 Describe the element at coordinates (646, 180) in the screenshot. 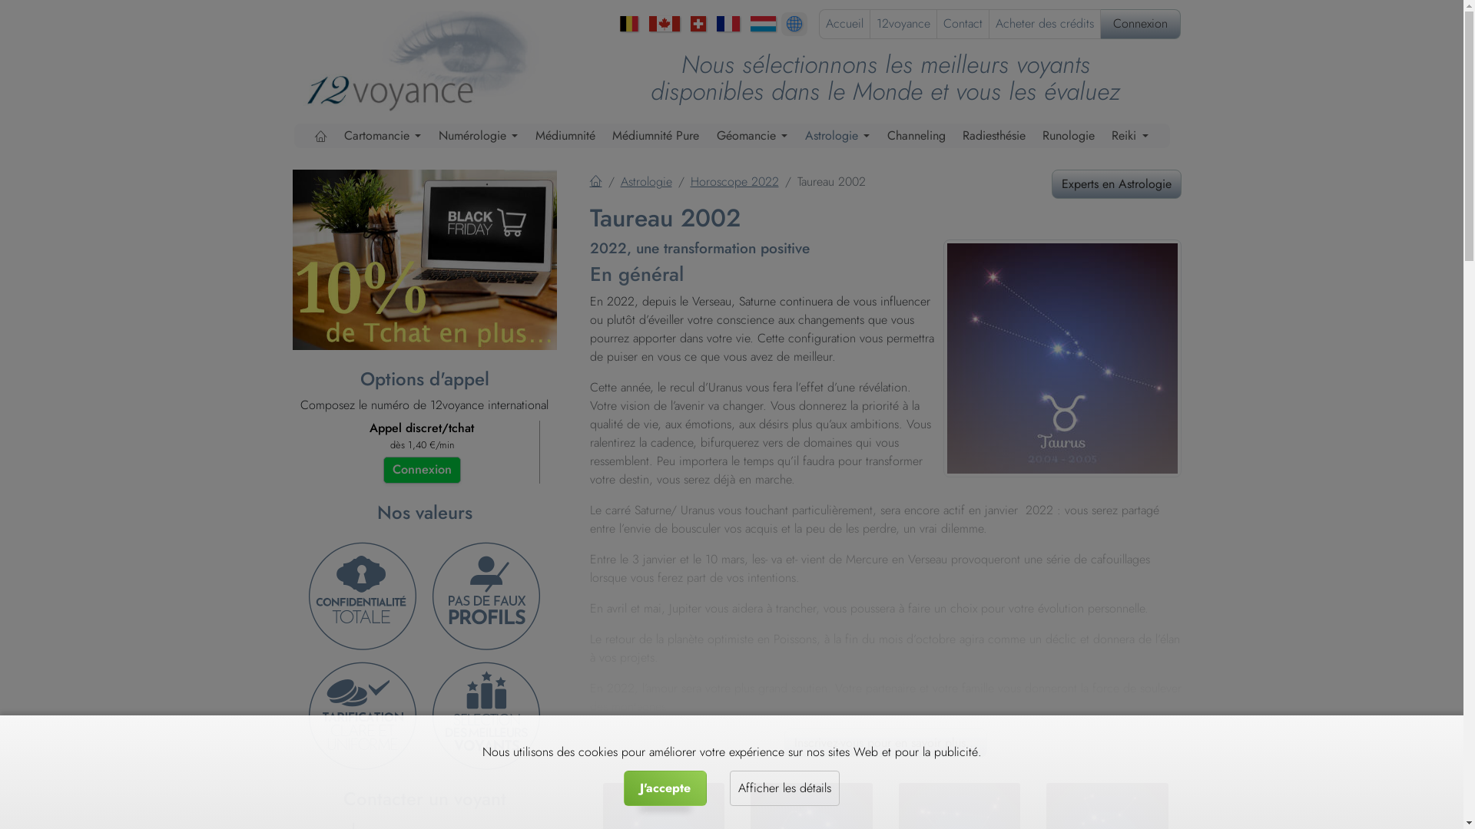

I see `'Astrologie'` at that location.